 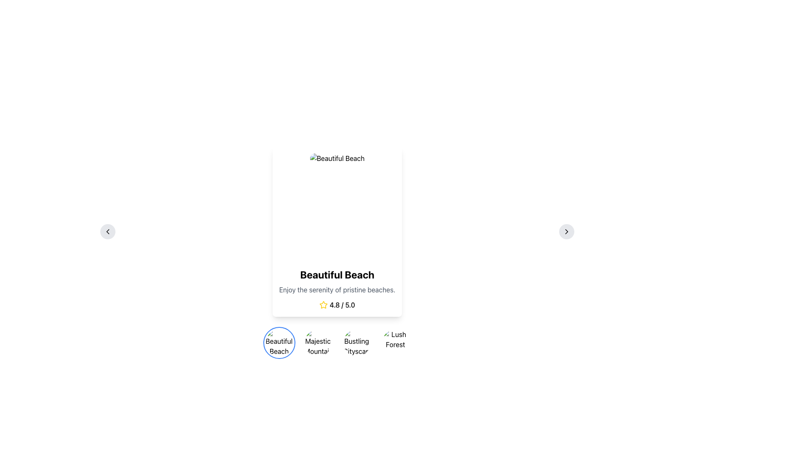 What do you see at coordinates (566, 232) in the screenshot?
I see `the small circular button with a light gray background and a right-pointing arrow icon located at the top right corner of the card layout for navigation` at bounding box center [566, 232].